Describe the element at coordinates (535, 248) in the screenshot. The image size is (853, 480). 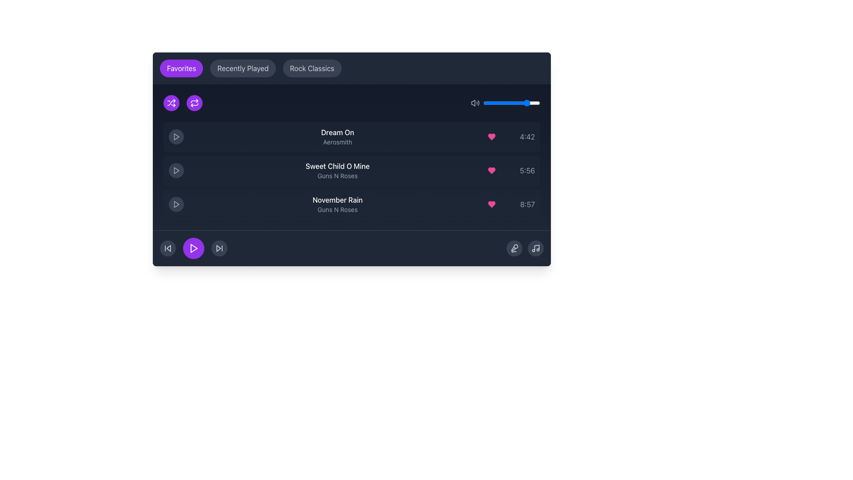
I see `the music button located at the bottom-right corner of the control panel for navigation` at that location.